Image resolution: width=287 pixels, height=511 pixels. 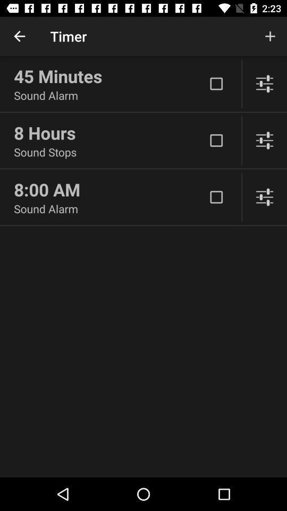 What do you see at coordinates (109, 189) in the screenshot?
I see `icon above sound alarm` at bounding box center [109, 189].